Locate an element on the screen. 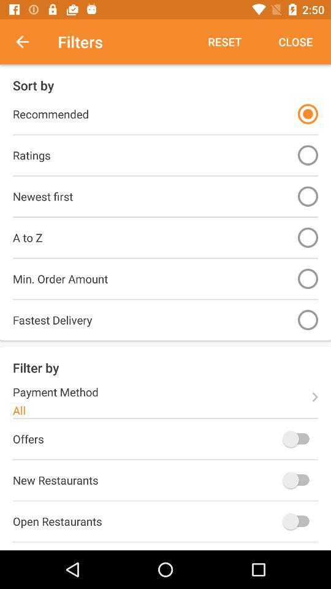  icon next to filters item is located at coordinates (29, 42).